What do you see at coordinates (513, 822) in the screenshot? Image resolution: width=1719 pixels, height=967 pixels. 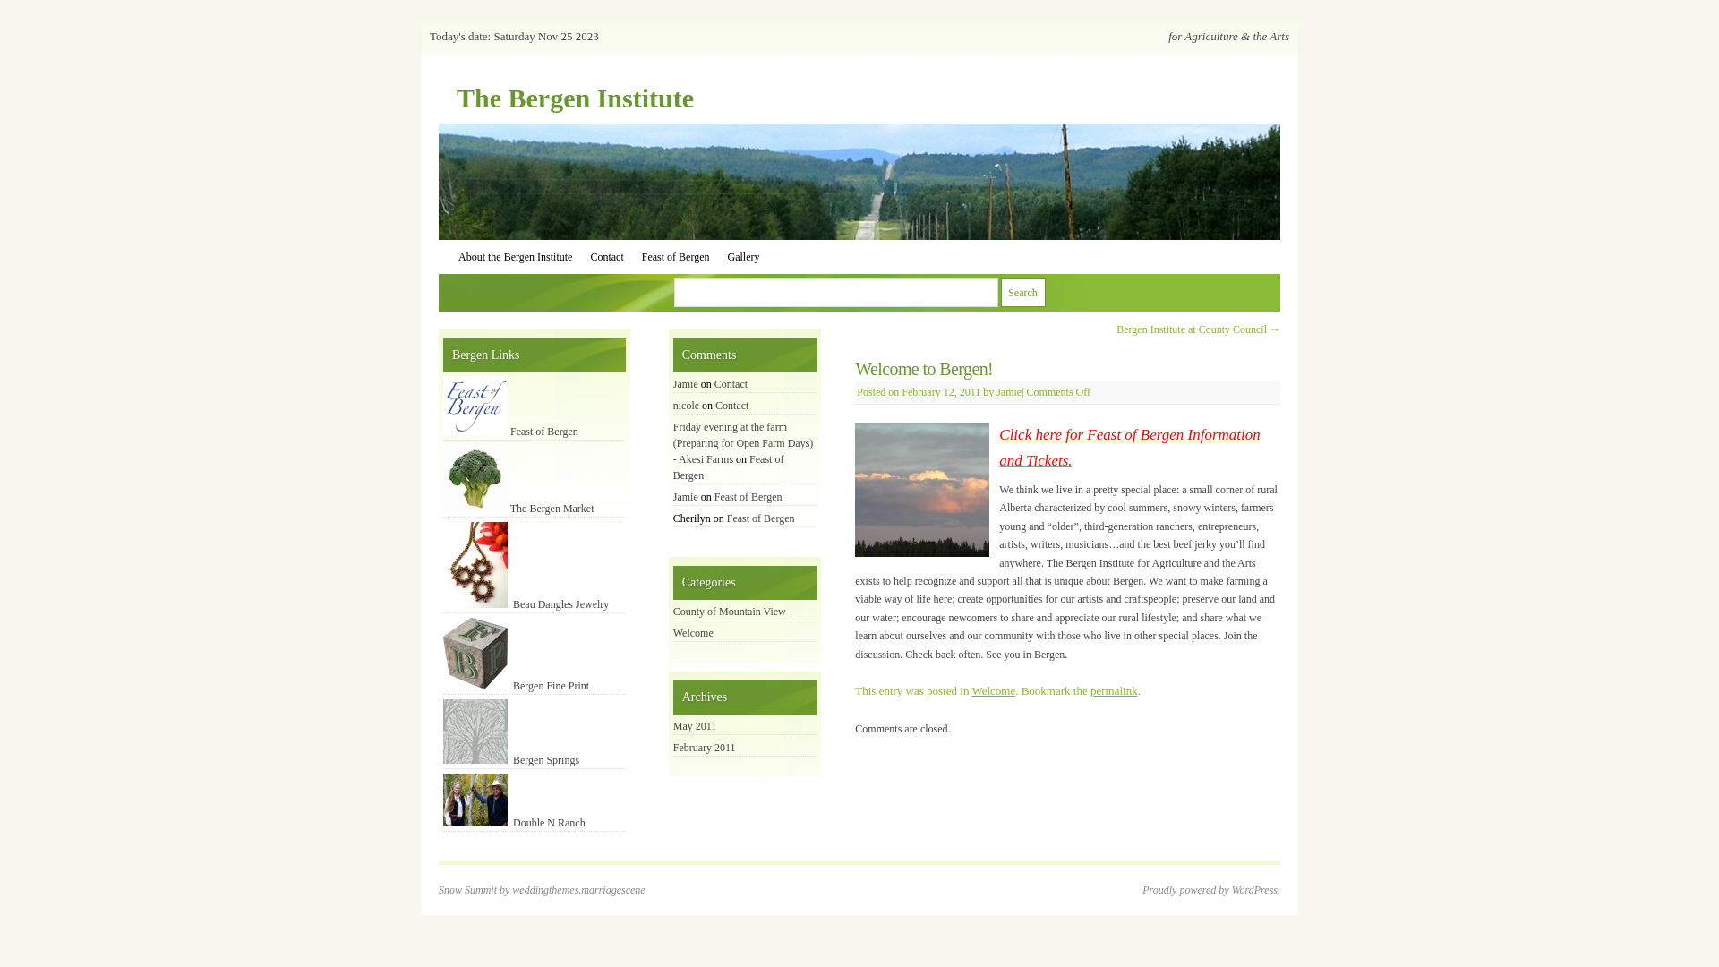 I see `' Double N Ranch'` at bounding box center [513, 822].